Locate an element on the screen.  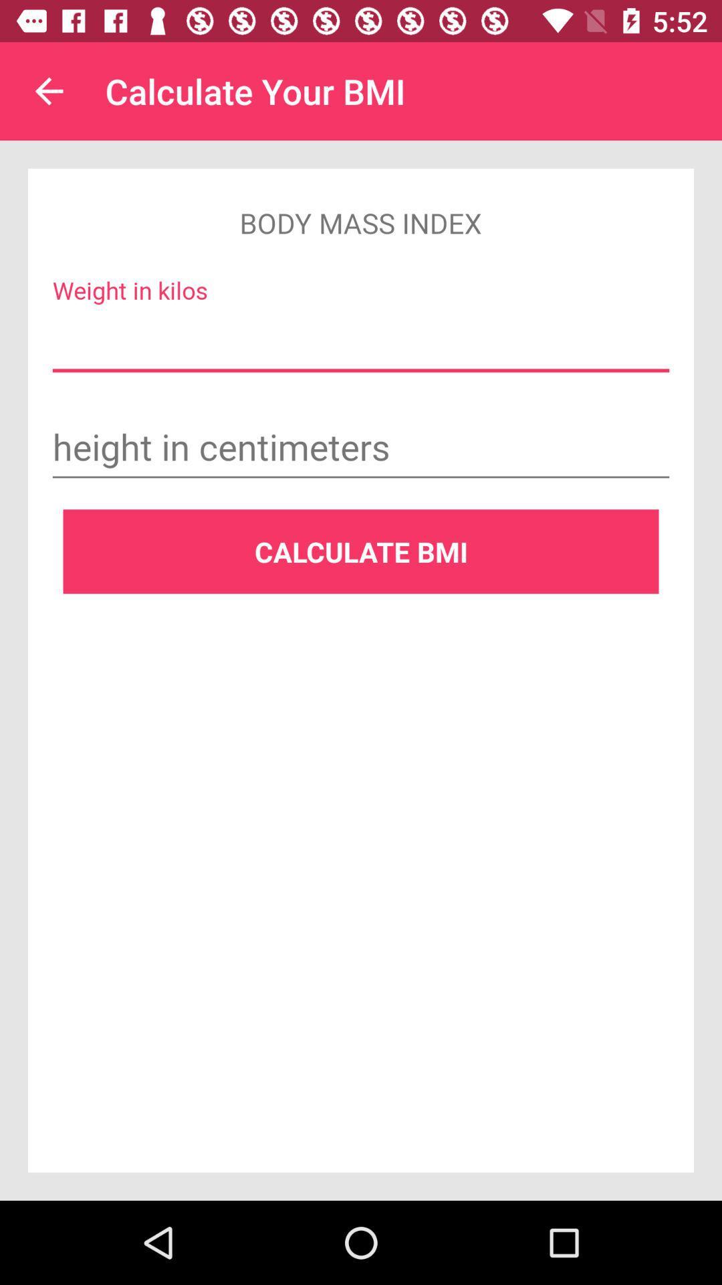
write a weight in kilos is located at coordinates (361, 341).